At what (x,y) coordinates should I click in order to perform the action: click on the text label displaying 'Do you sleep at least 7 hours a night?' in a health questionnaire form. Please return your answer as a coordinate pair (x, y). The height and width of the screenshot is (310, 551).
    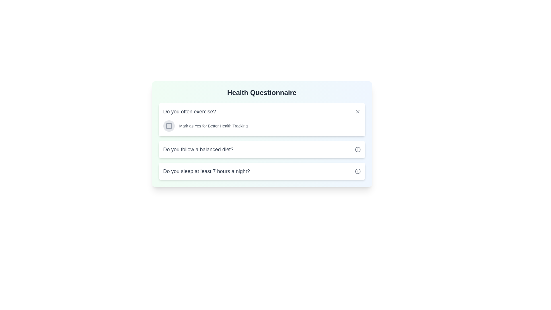
    Looking at the image, I should click on (206, 171).